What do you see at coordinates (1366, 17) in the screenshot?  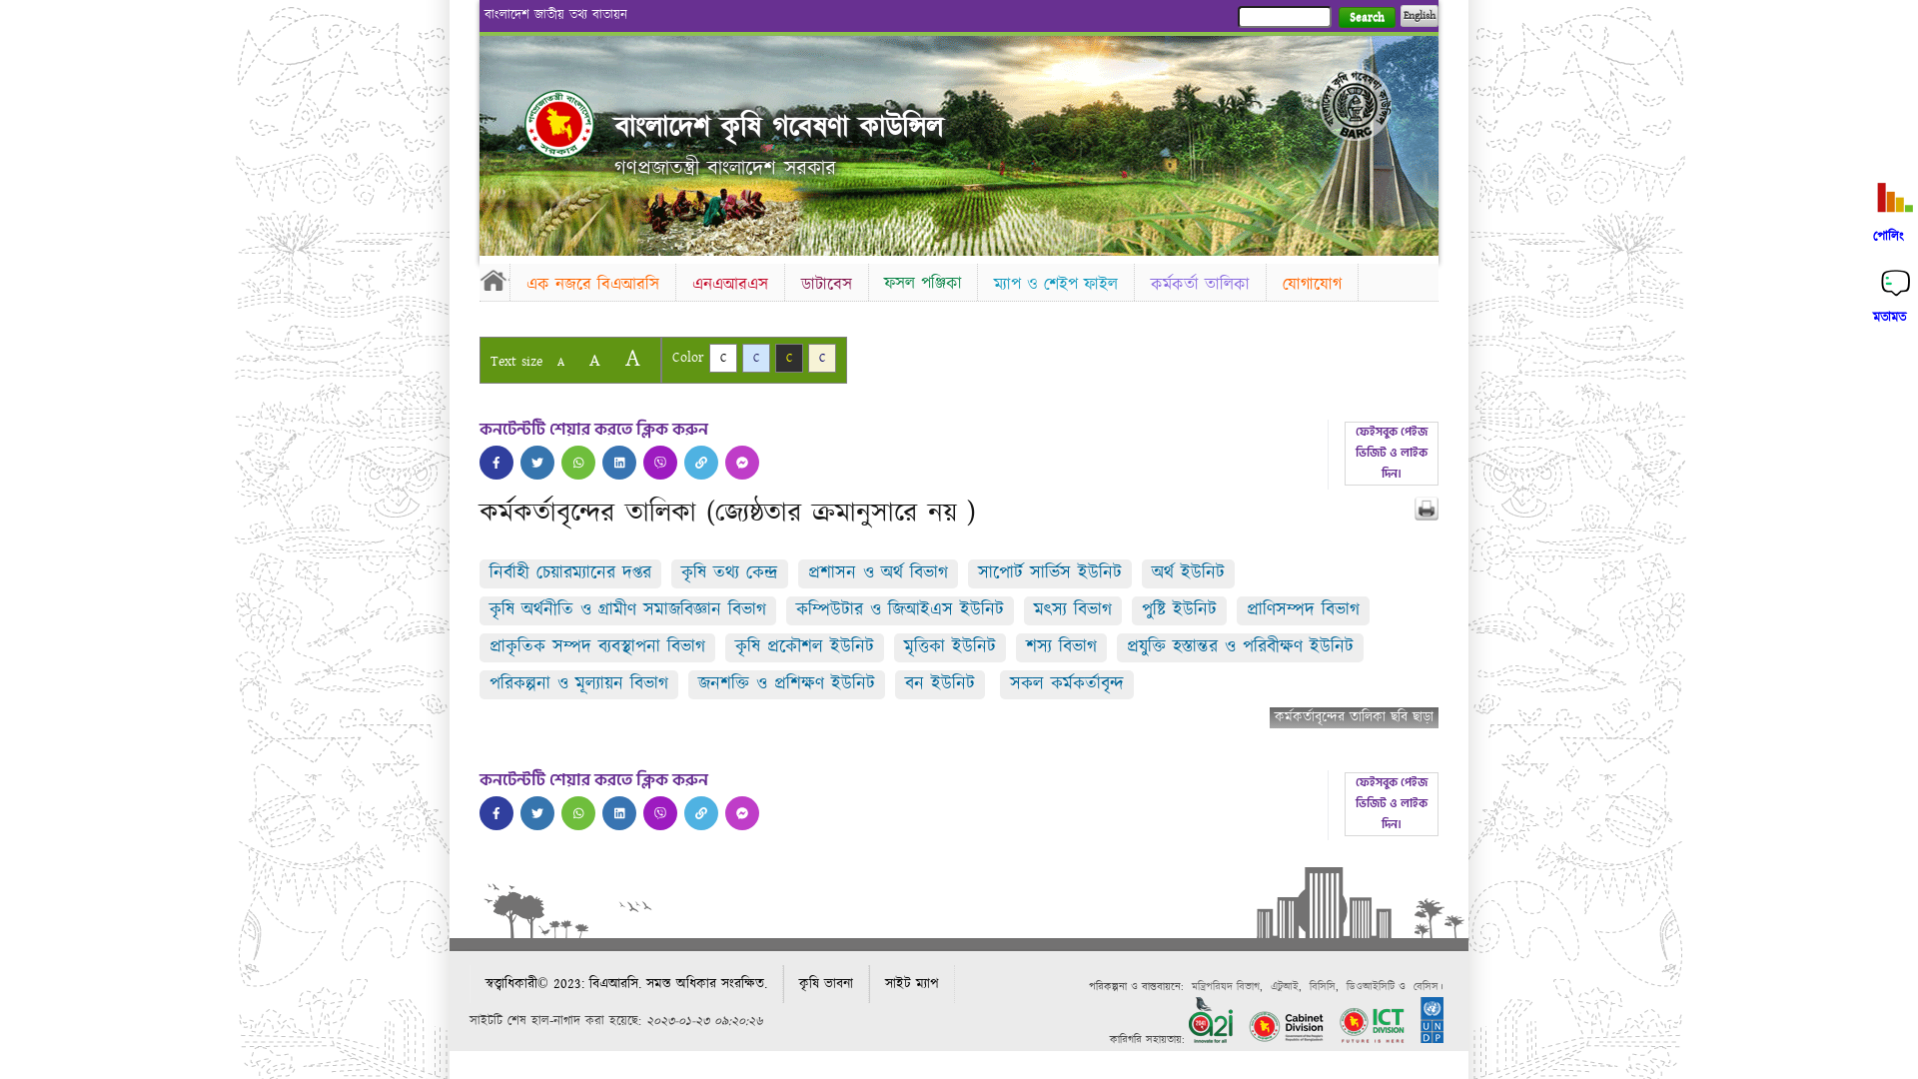 I see `'Search'` at bounding box center [1366, 17].